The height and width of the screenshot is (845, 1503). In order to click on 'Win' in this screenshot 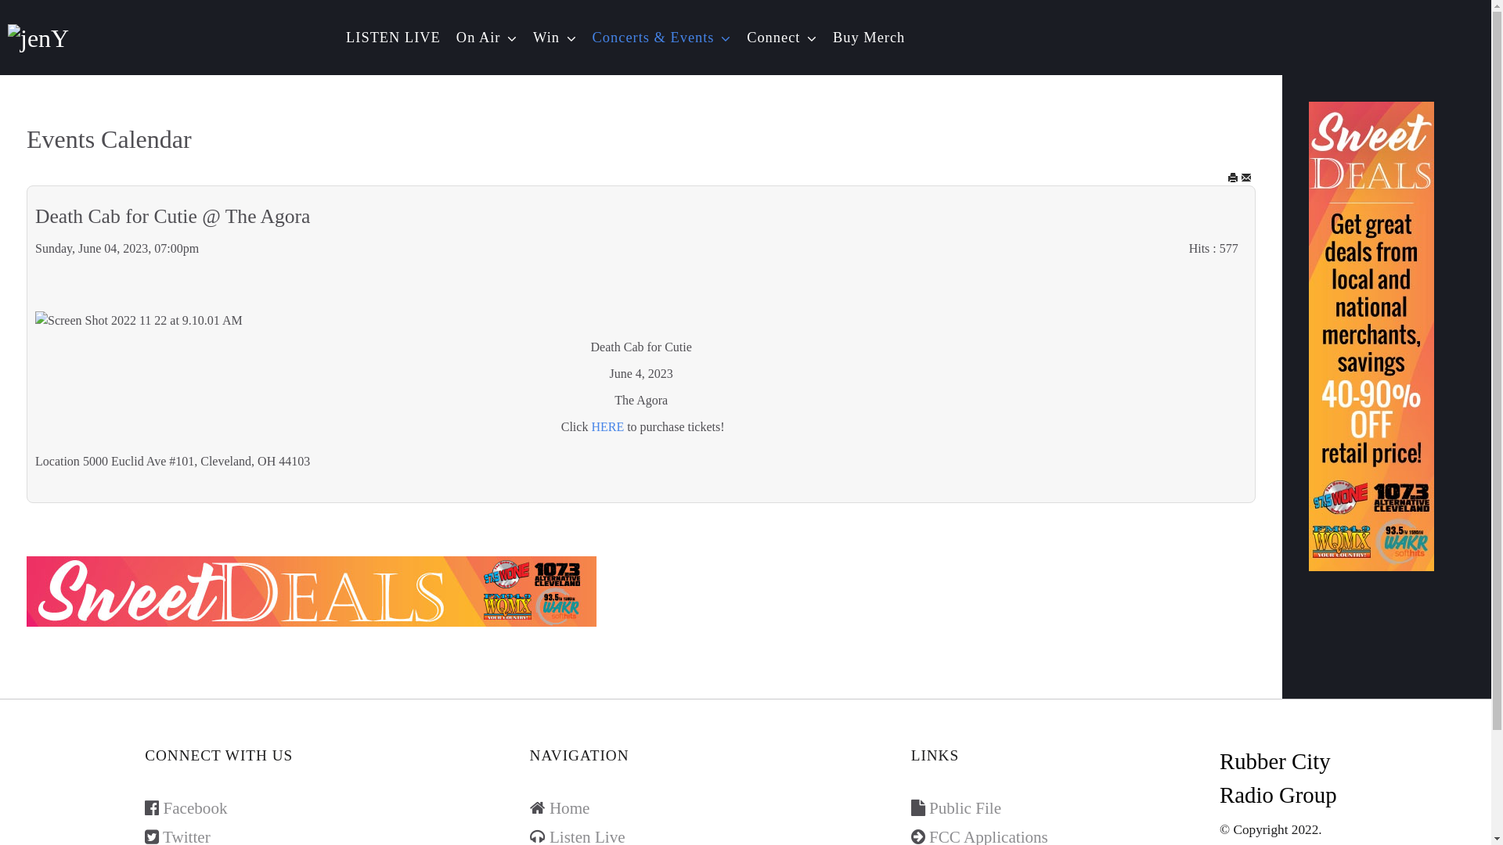, I will do `click(555, 36)`.